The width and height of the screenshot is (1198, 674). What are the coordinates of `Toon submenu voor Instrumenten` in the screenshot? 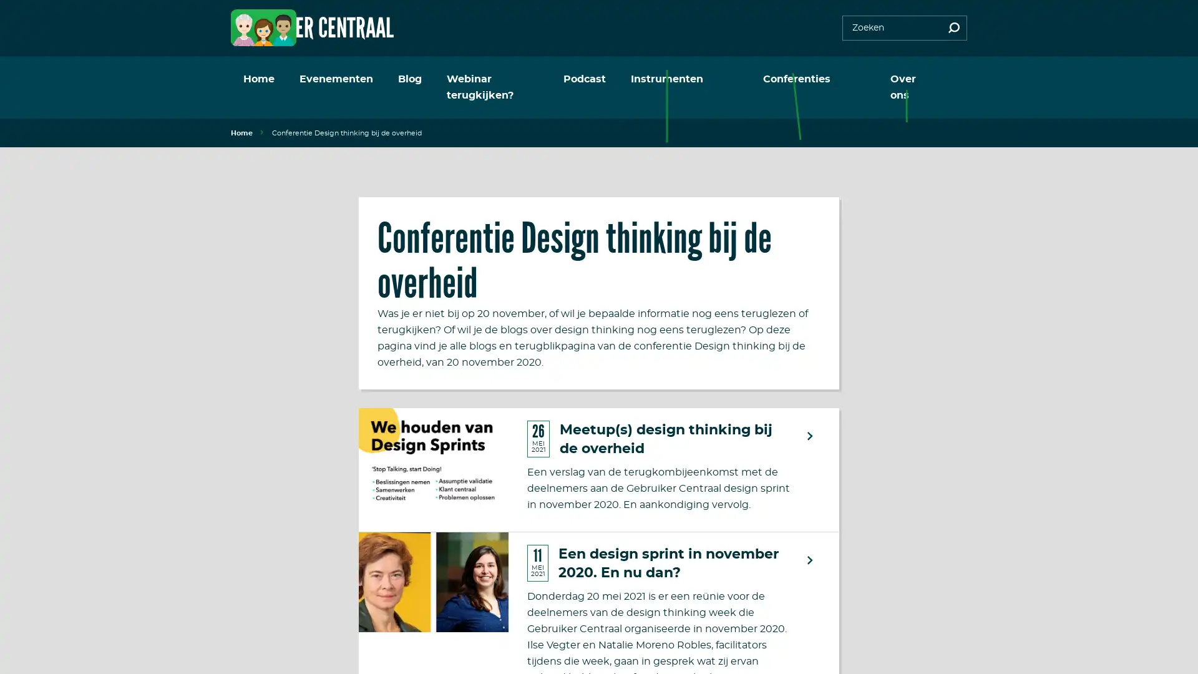 It's located at (746, 79).